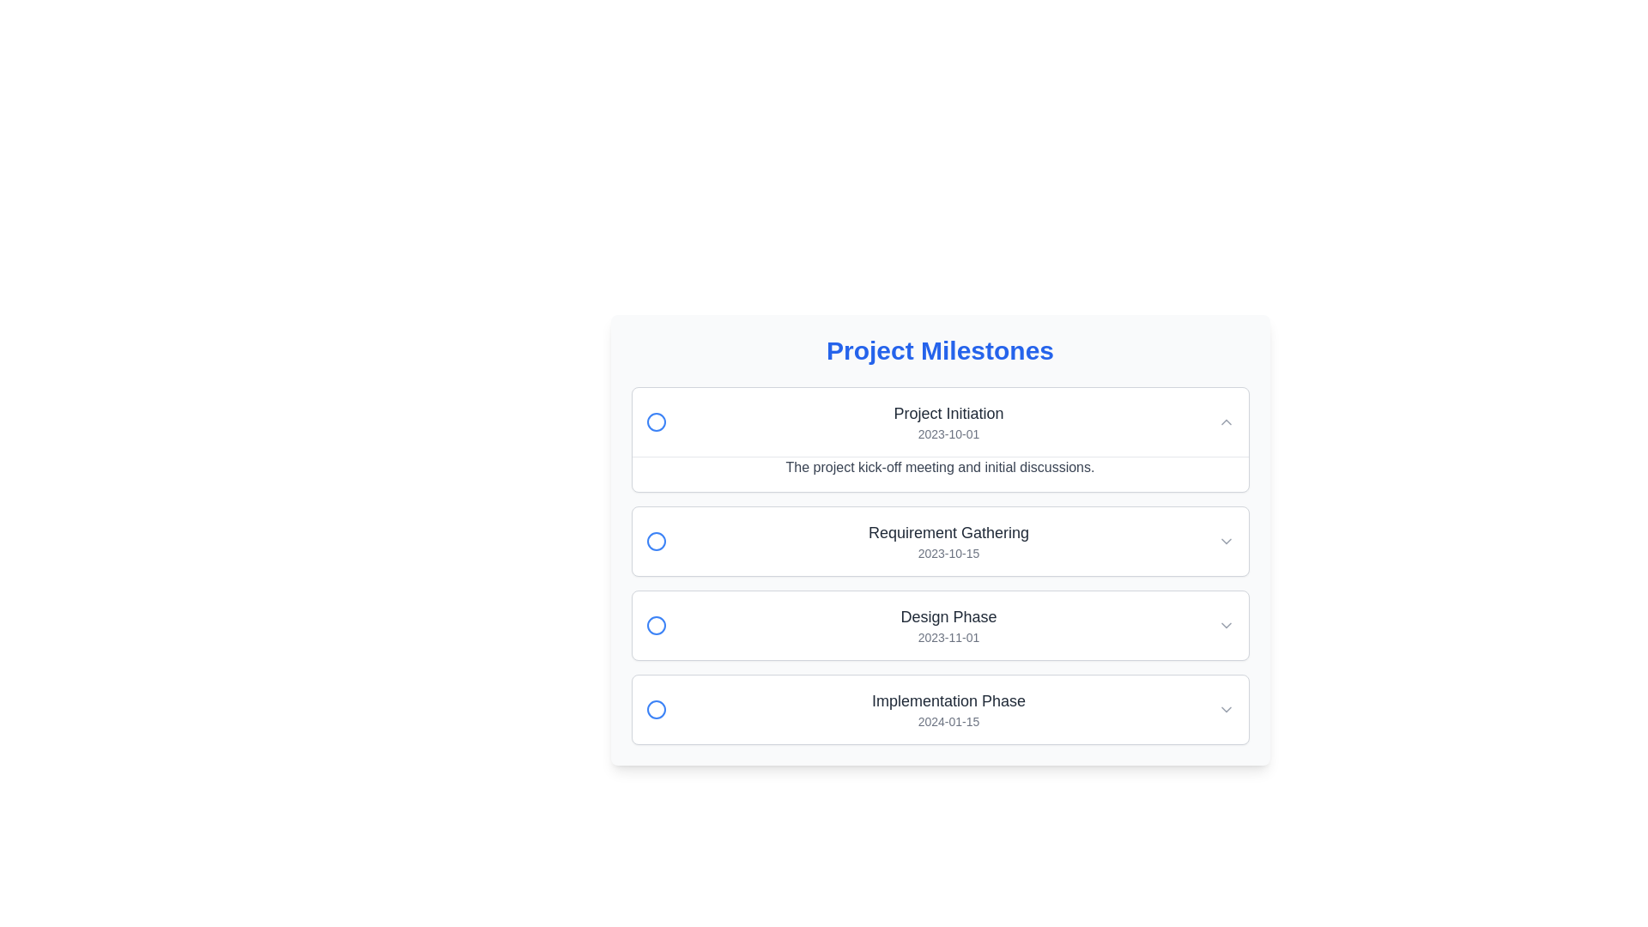 The width and height of the screenshot is (1648, 927). What do you see at coordinates (939, 542) in the screenshot?
I see `the 'Requirement Gathering' text in the second List Item with Expandable Section under 'Project Milestones'` at bounding box center [939, 542].